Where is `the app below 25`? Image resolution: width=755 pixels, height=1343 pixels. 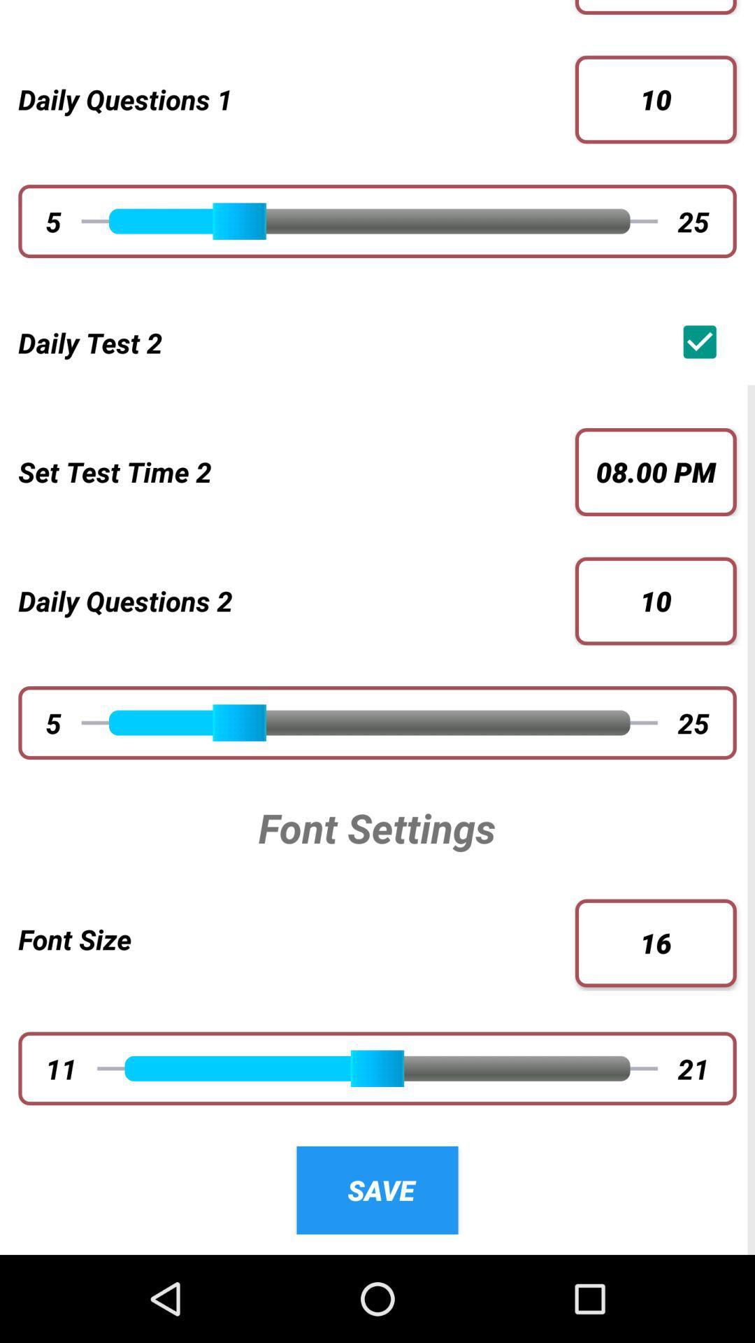 the app below 25 is located at coordinates (703, 342).